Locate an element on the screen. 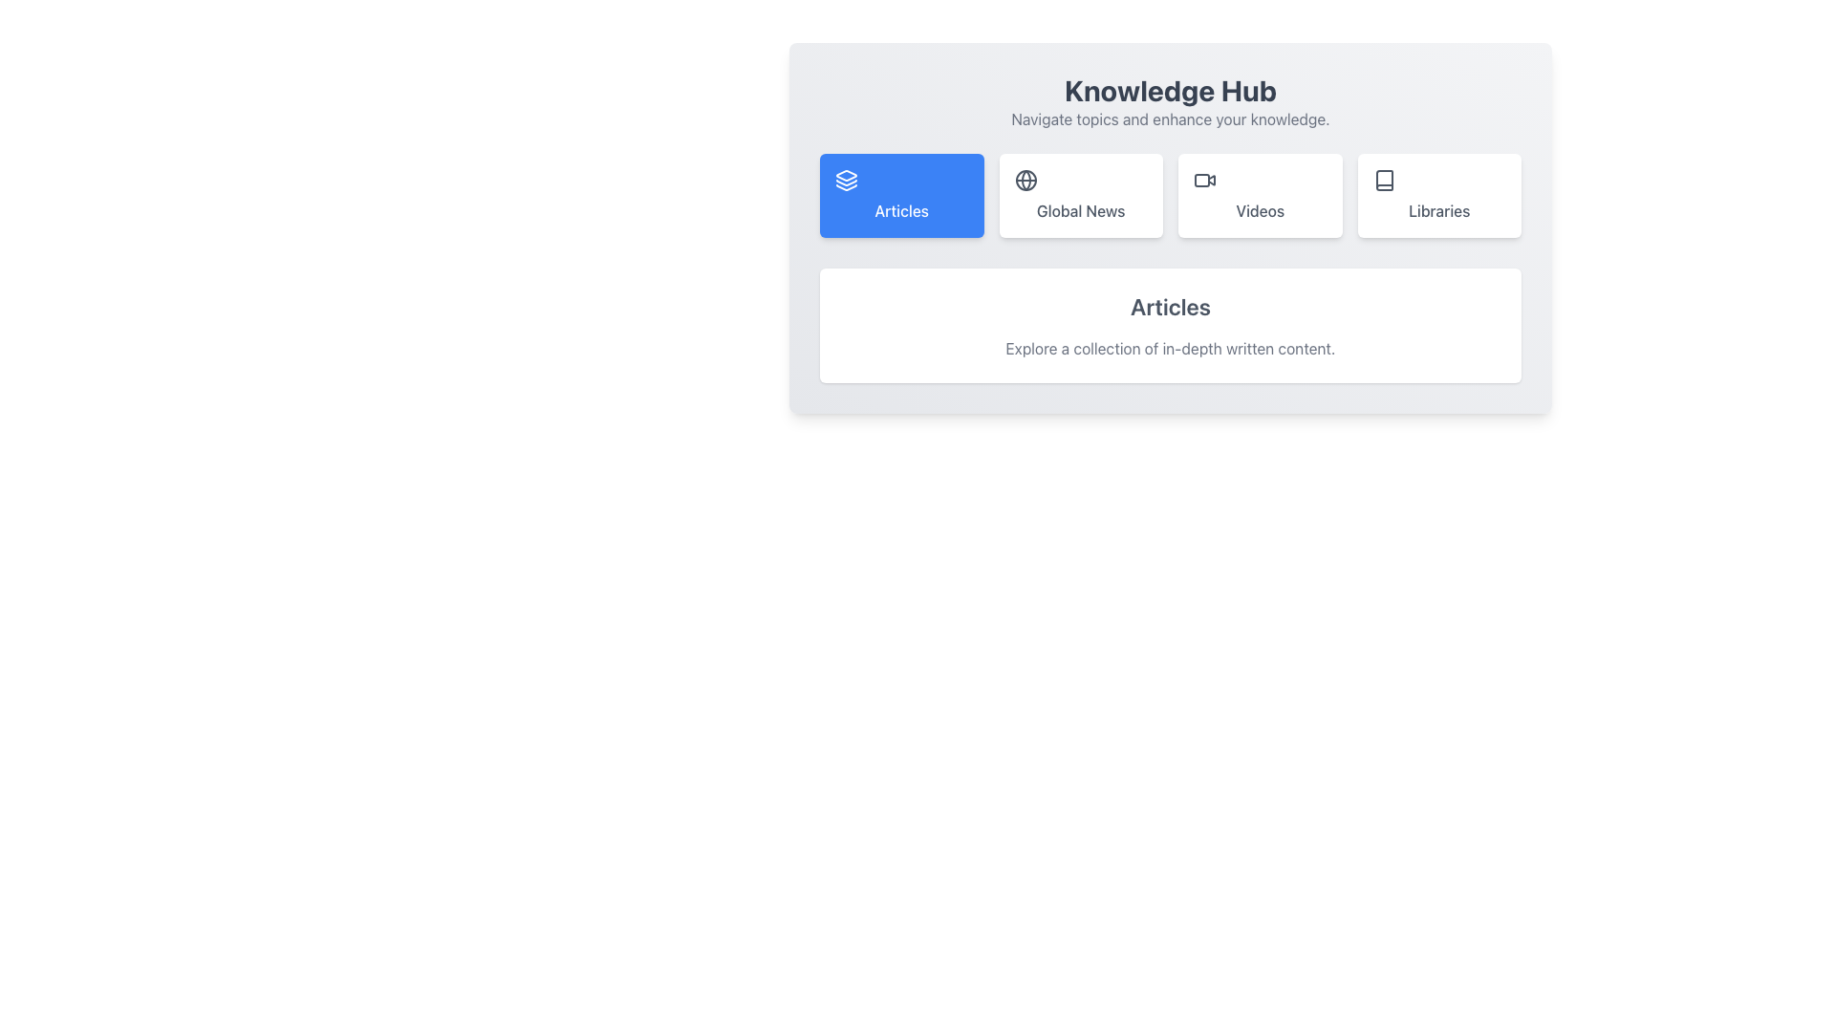 This screenshot has height=1032, width=1835. 'Articles' label, which is a textual label styled in white on a blue background, located within the button on the leftmost position under the 'Knowledge Hub' title is located at coordinates (900, 210).